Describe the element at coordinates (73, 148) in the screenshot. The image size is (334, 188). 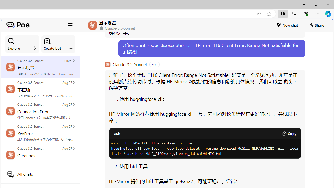
I see `'Class: ChatHistoryListItem_chevronIcon__zJZSN'` at that location.